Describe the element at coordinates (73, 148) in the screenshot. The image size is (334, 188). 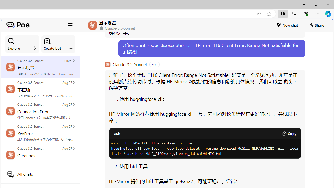
I see `'Class: ChatHistoryListItem_chevronIcon__zJZSN'` at that location.